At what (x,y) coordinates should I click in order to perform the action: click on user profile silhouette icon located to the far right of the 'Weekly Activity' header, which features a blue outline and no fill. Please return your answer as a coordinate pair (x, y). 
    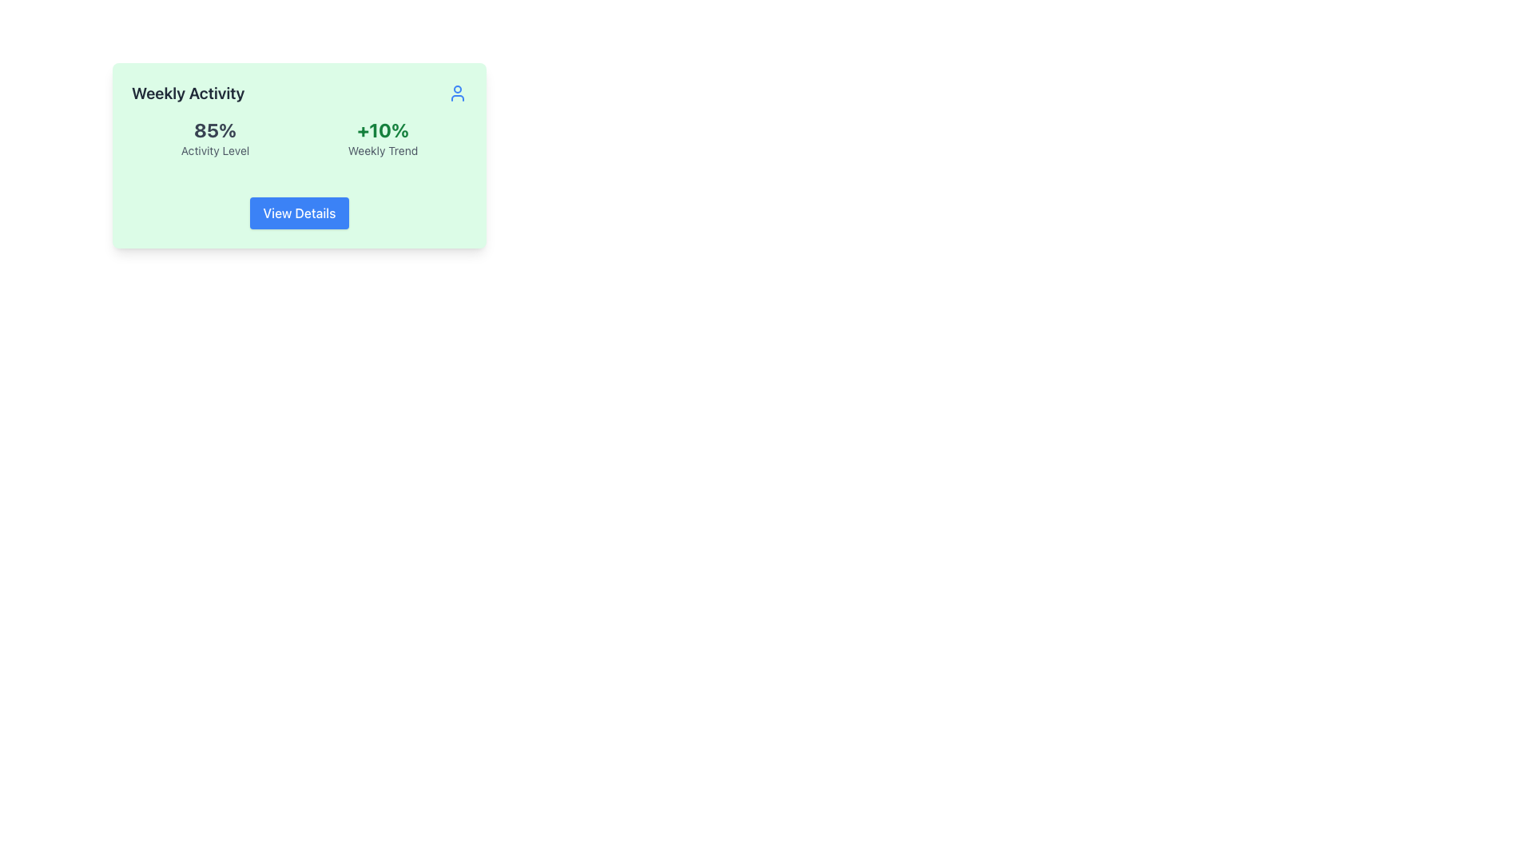
    Looking at the image, I should click on (456, 93).